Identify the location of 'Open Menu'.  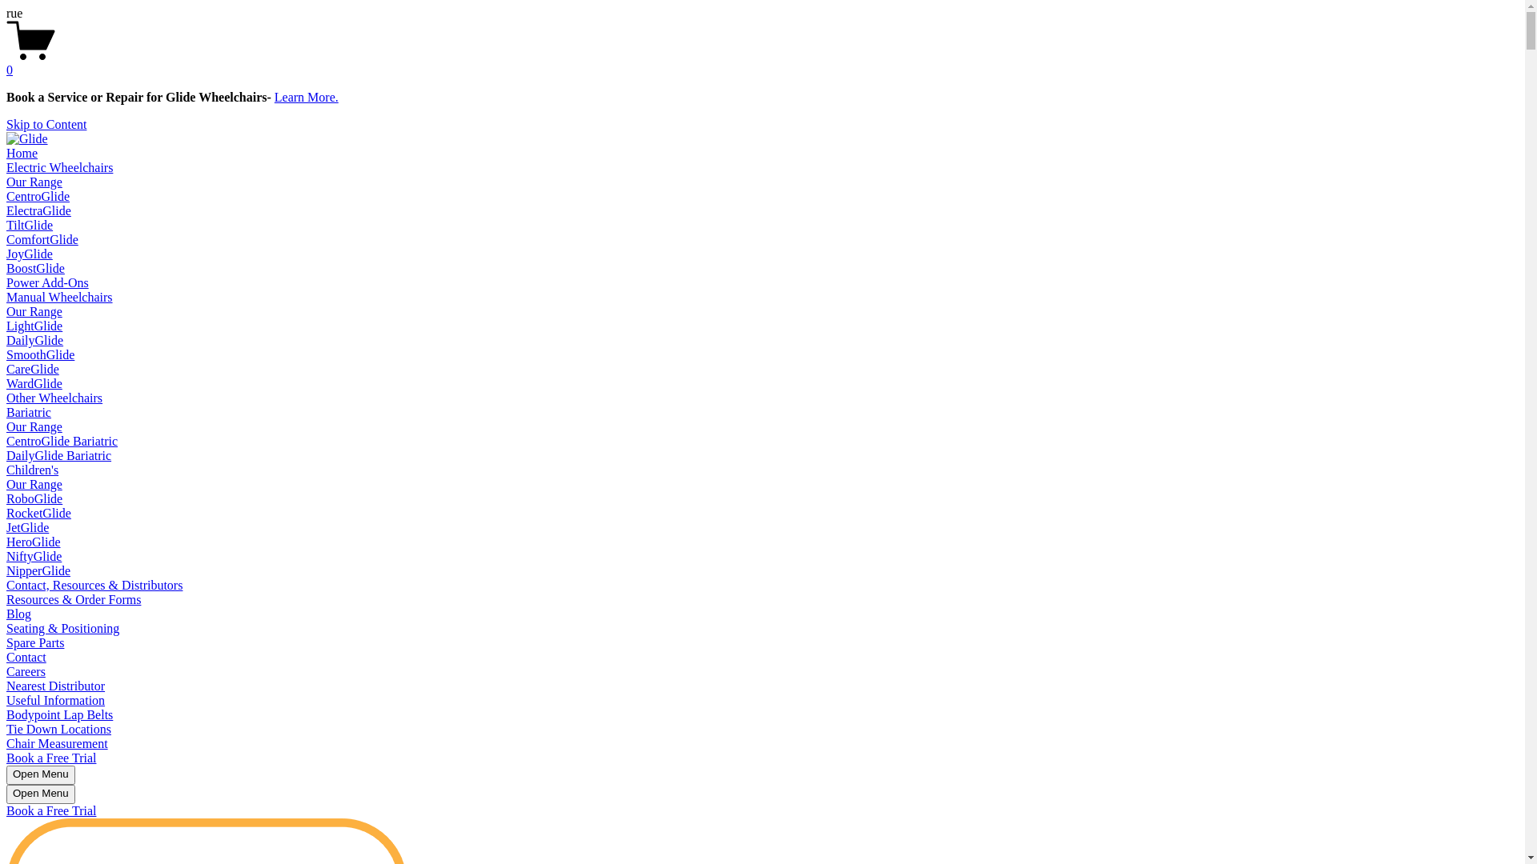
(6, 774).